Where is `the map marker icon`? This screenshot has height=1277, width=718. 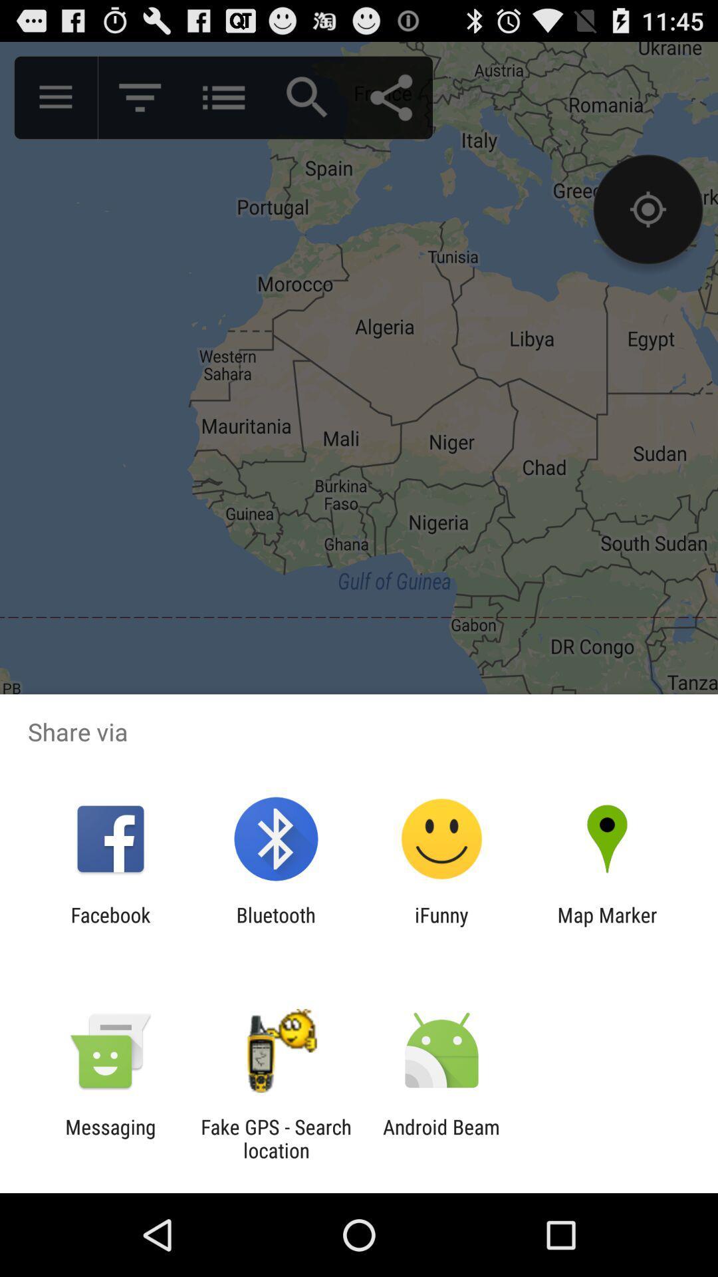
the map marker icon is located at coordinates (607, 926).